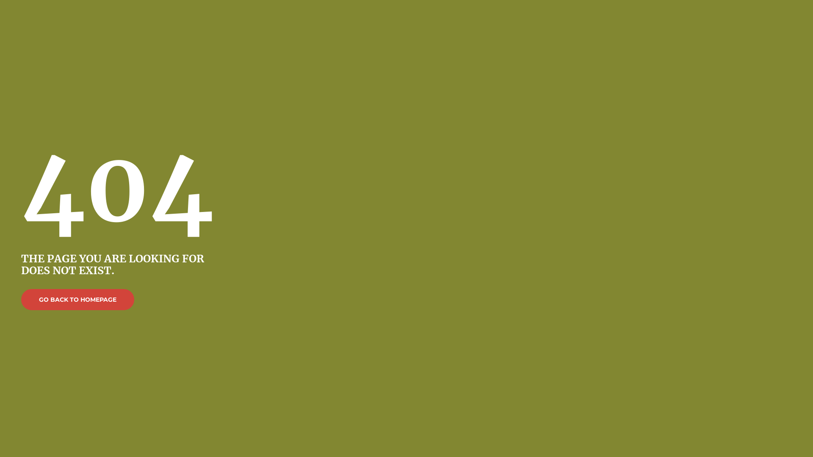 The width and height of the screenshot is (813, 457). I want to click on 'GO BACK TO HOMEPAGE', so click(77, 299).